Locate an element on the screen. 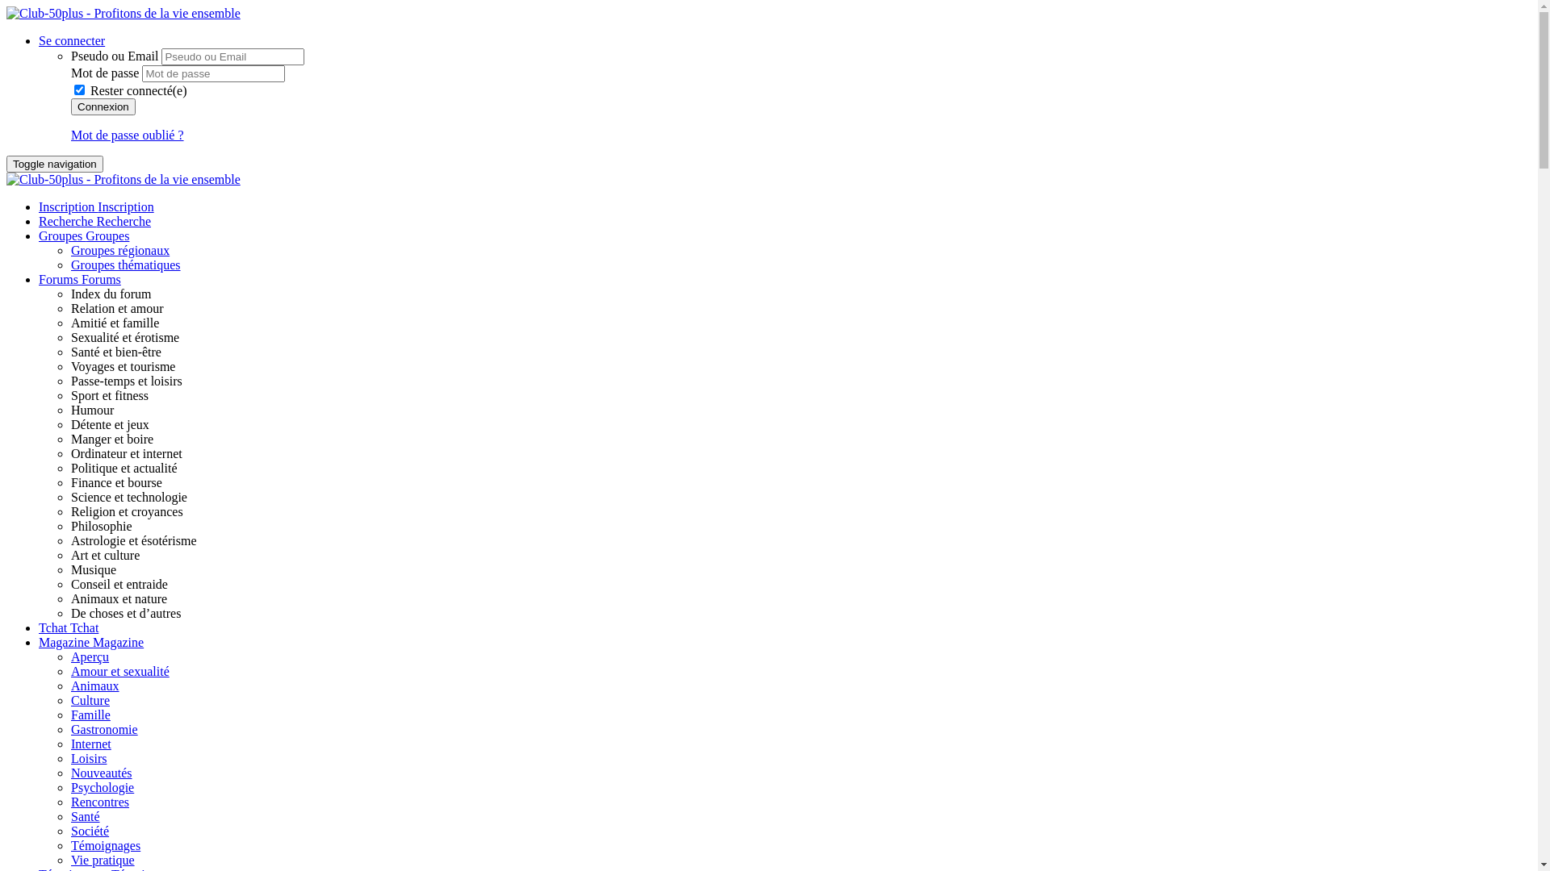  'Science et technologie' is located at coordinates (69, 496).